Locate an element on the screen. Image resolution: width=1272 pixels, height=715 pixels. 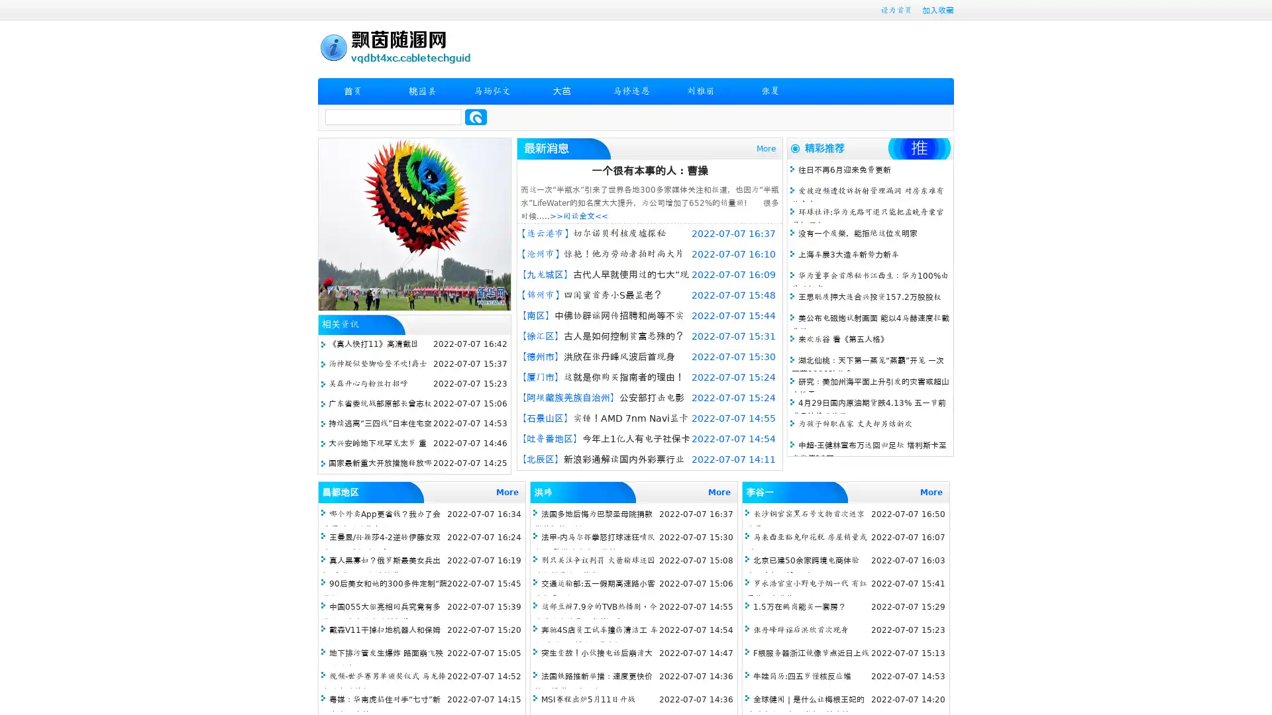
Search is located at coordinates (476, 117).